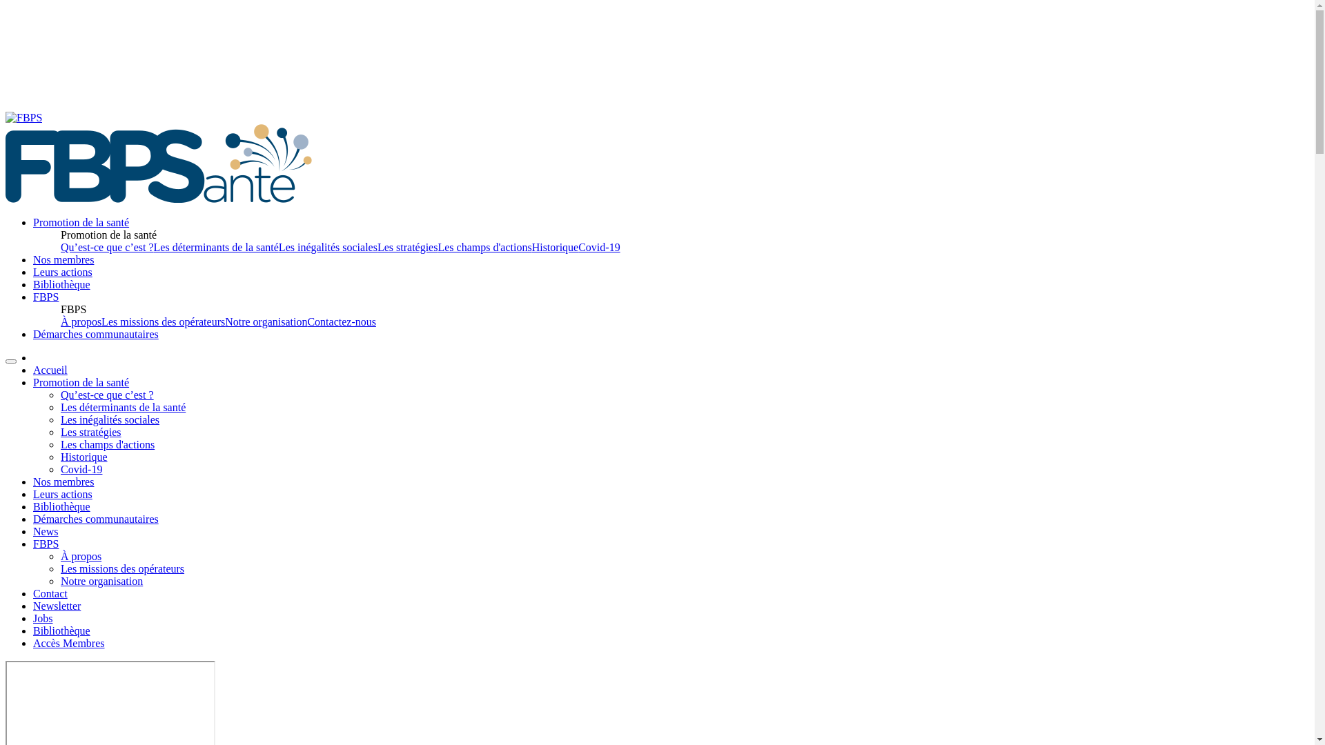 The image size is (1325, 745). I want to click on 'Leurs actions', so click(62, 272).